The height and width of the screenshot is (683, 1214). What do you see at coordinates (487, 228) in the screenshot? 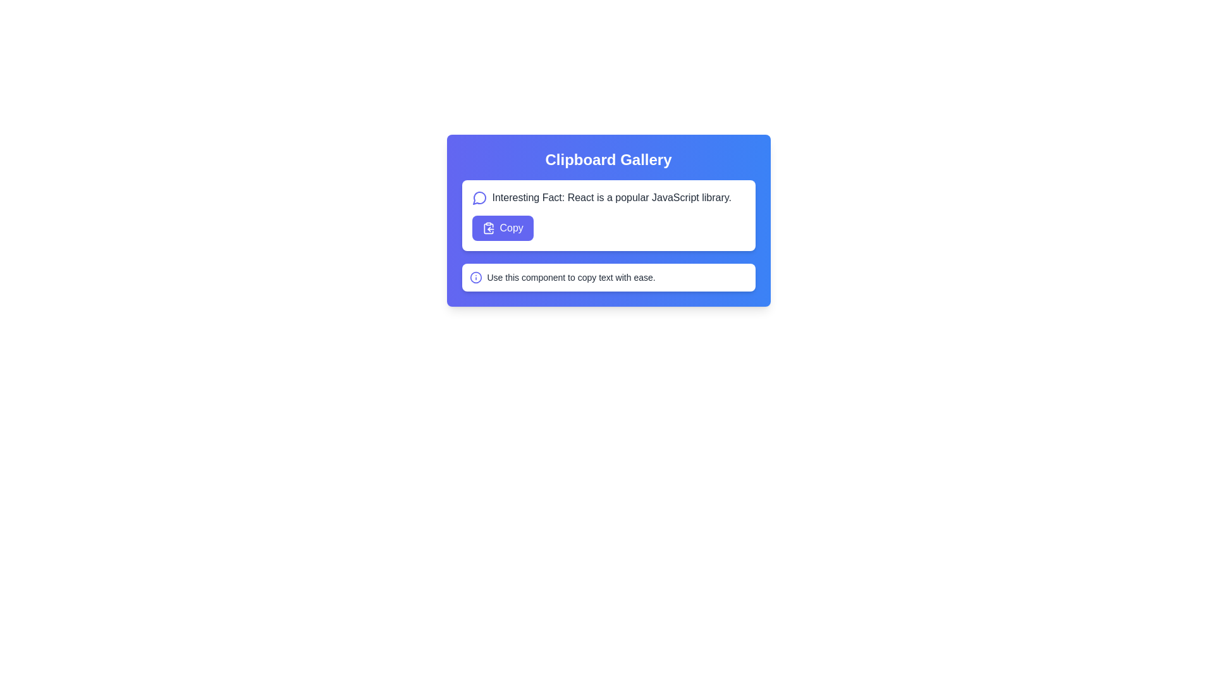
I see `the clipboard icon located within the blue 'Copy' button beneath the text 'Interesting Fact: React is a popular JavaScript library' in the 'Clipboard Gallery' card` at bounding box center [487, 228].